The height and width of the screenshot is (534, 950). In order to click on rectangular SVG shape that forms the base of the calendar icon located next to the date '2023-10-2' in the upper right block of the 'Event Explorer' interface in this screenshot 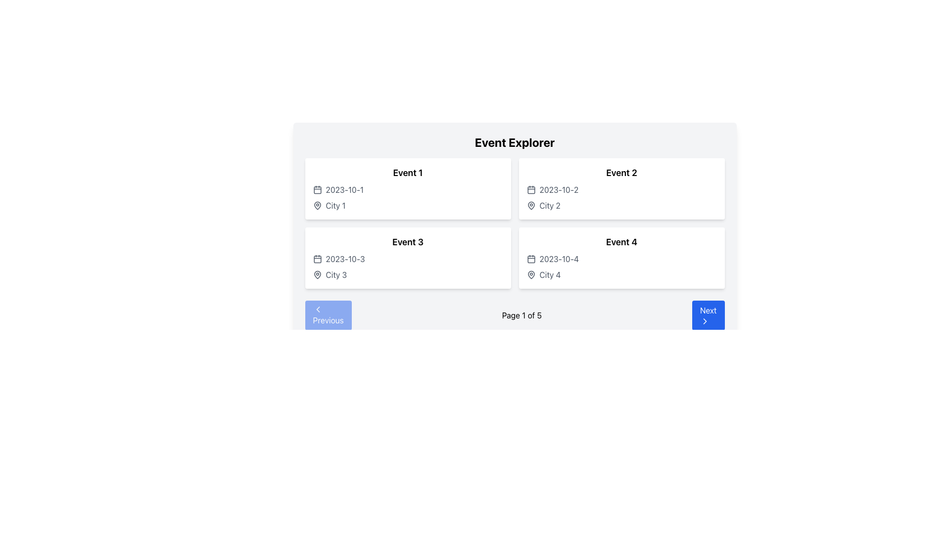, I will do `click(530, 190)`.